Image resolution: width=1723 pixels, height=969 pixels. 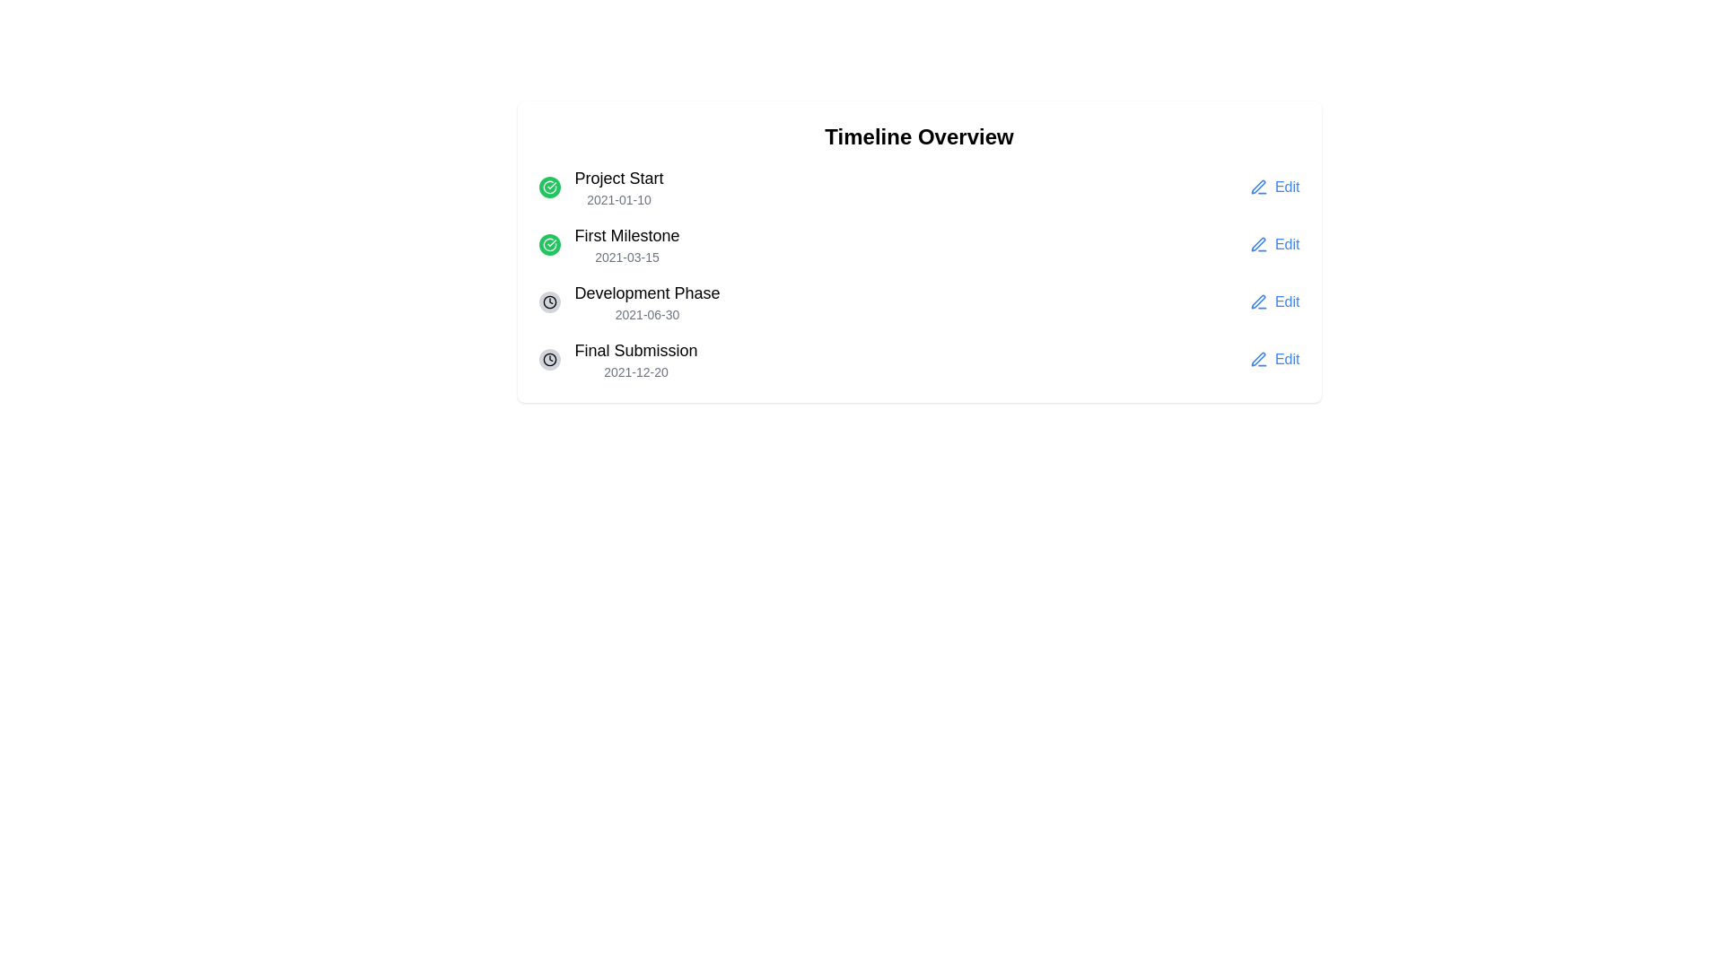 What do you see at coordinates (919, 136) in the screenshot?
I see `text content of the bold header titled 'Timeline Overview', which is centrally positioned at the top of the timeline section` at bounding box center [919, 136].